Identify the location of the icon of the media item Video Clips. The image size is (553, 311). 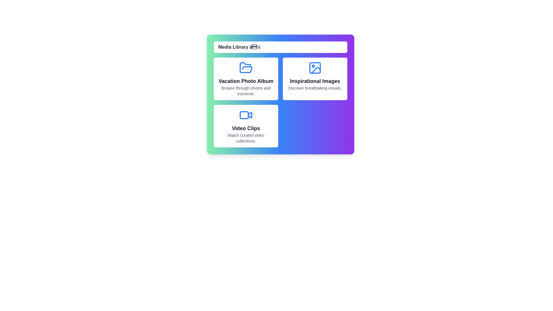
(246, 115).